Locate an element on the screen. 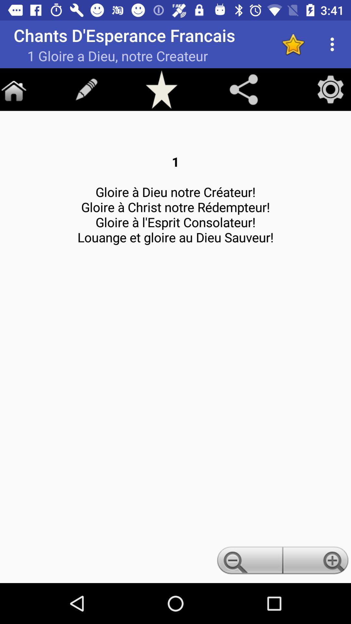 This screenshot has height=624, width=351. settings is located at coordinates (331, 89).